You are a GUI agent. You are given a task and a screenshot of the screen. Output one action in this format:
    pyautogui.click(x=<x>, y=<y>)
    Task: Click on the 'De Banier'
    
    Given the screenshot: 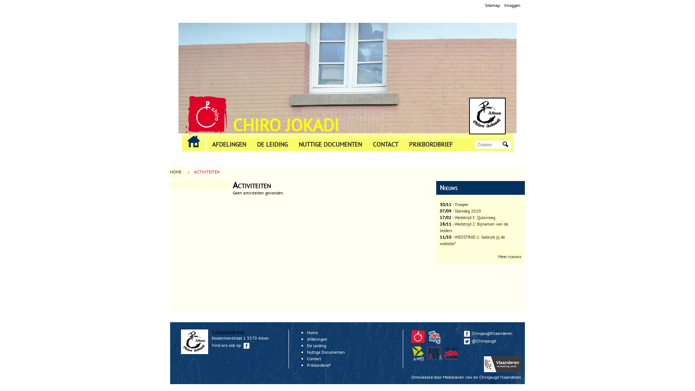 What is the action you would take?
    pyautogui.click(x=410, y=353)
    